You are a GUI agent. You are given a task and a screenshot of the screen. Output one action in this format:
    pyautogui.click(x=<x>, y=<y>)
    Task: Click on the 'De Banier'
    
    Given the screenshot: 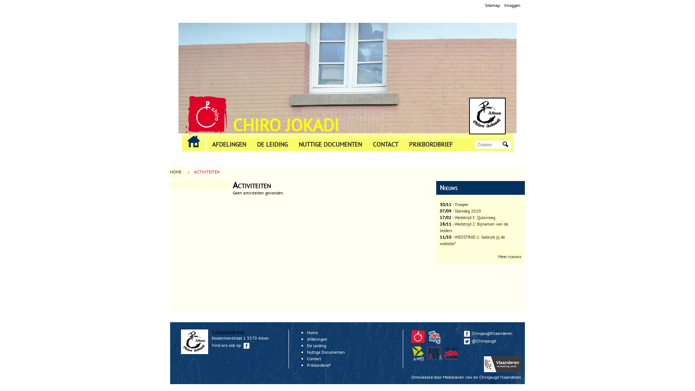 What is the action you would take?
    pyautogui.click(x=410, y=353)
    